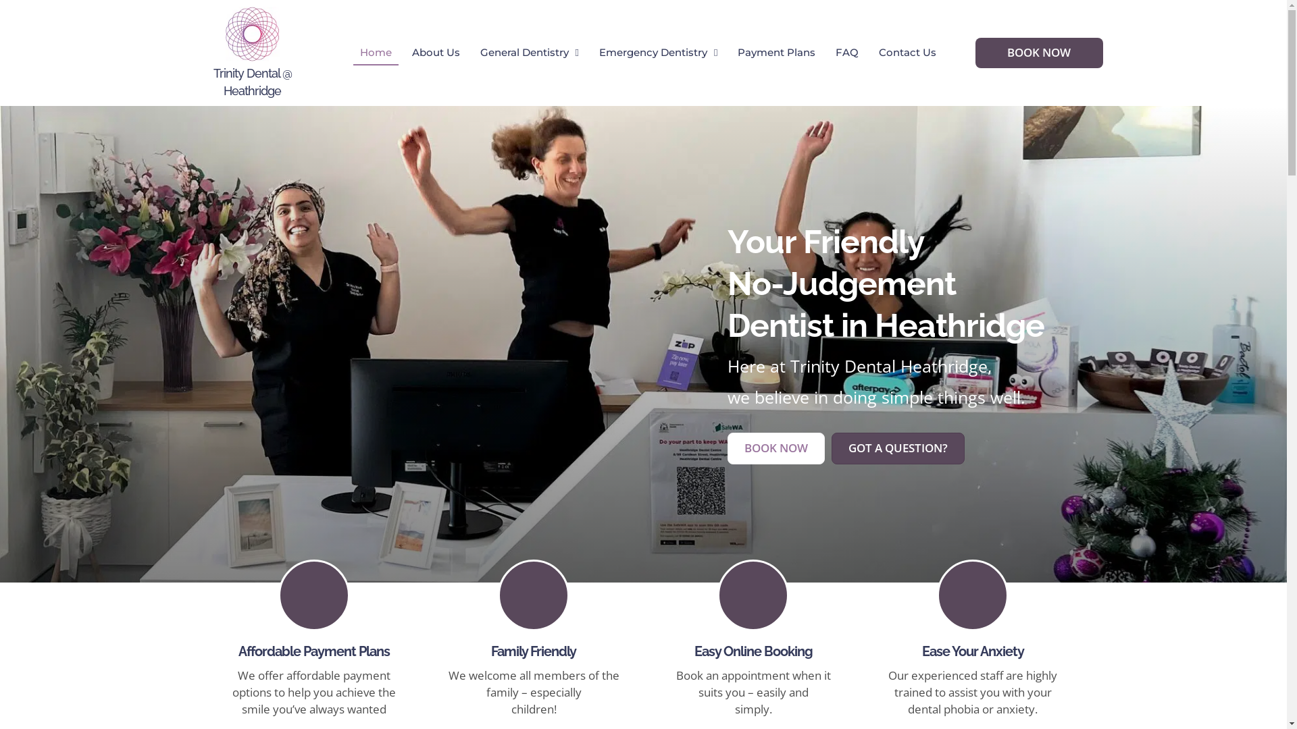 The height and width of the screenshot is (729, 1297). What do you see at coordinates (897, 448) in the screenshot?
I see `'GOT A QUESTION?'` at bounding box center [897, 448].